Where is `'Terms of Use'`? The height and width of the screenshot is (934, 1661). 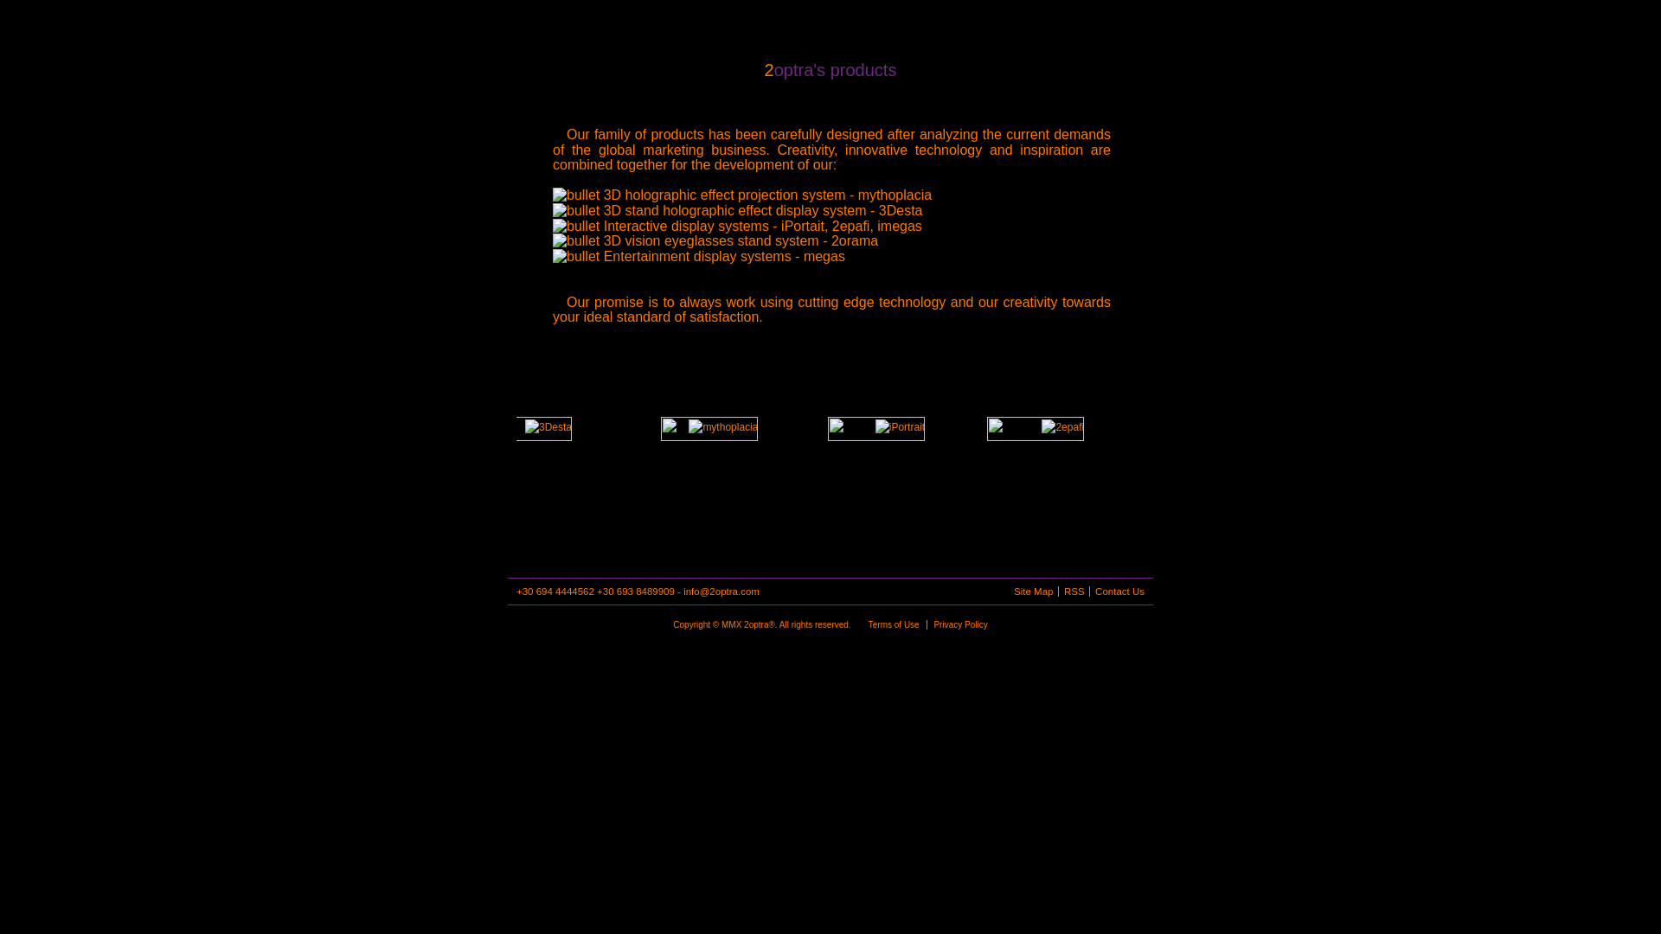 'Terms of Use' is located at coordinates (894, 624).